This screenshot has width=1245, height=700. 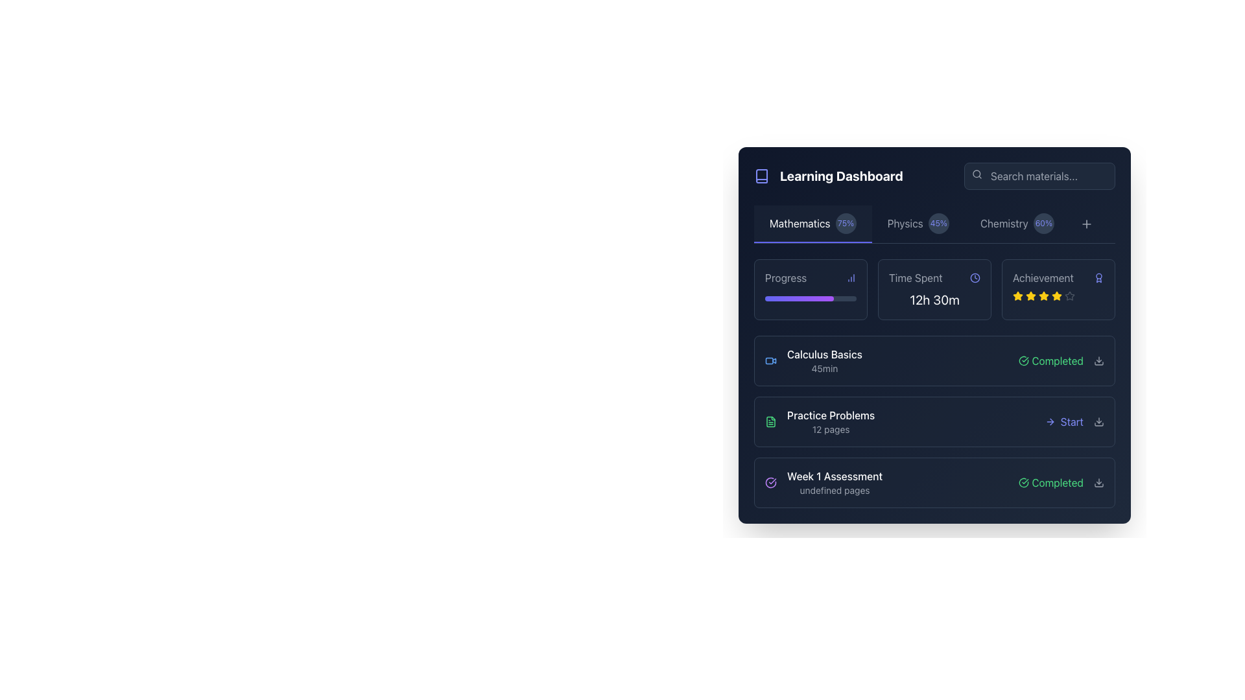 I want to click on the small green circle with a white checkmark inside, which indicates completion, located next to the text 'Completed' in the 'Calculus Basics' row, so click(x=1023, y=360).